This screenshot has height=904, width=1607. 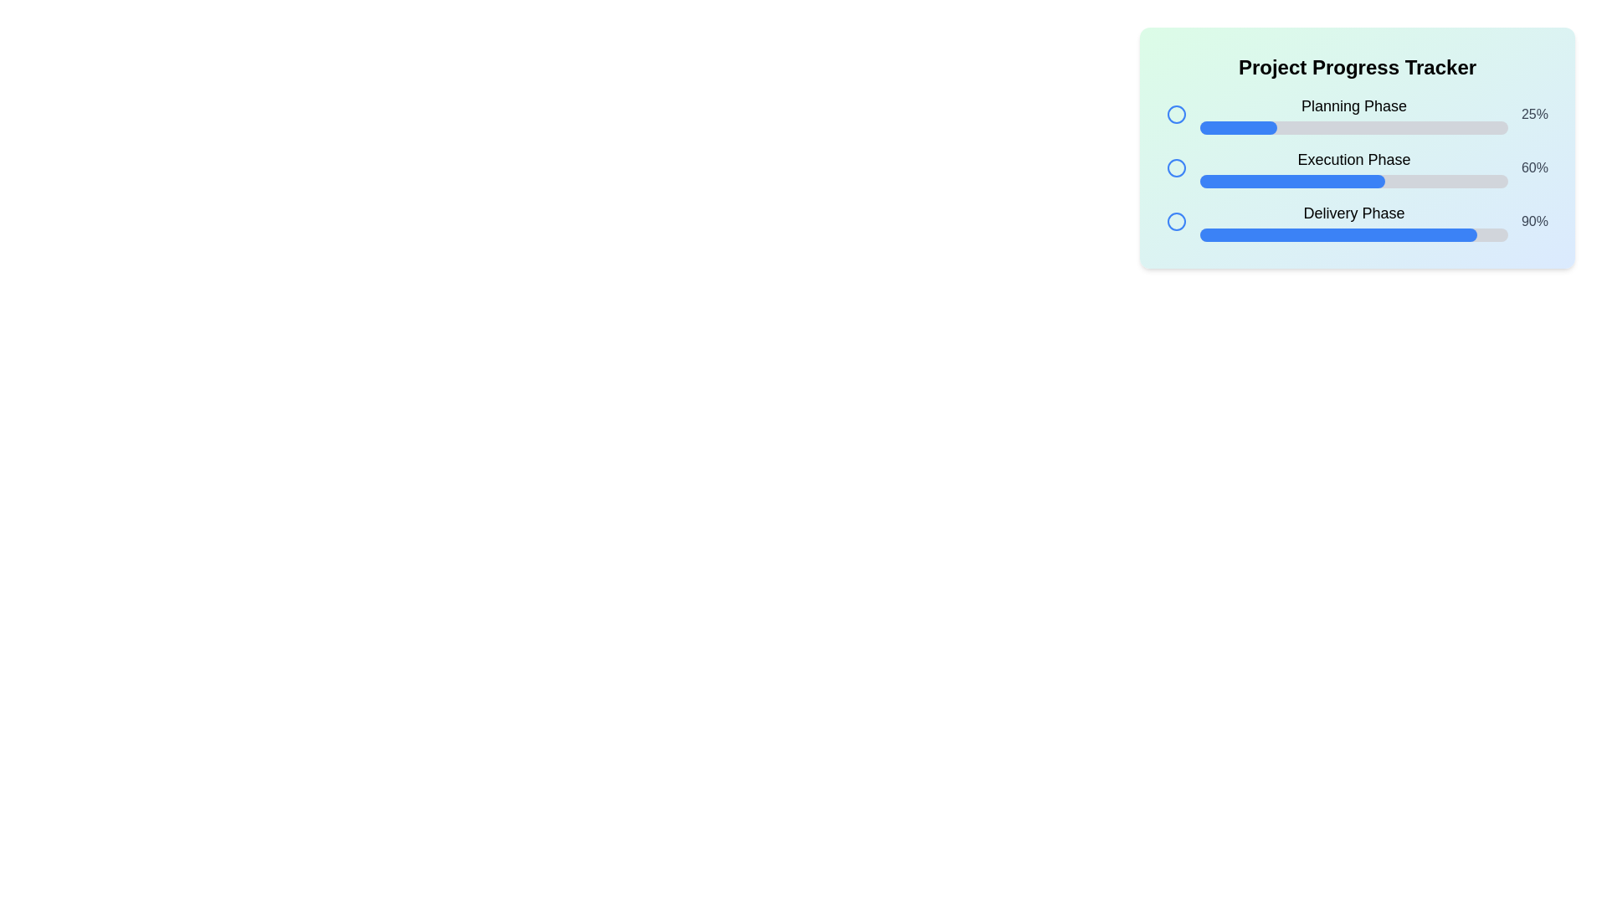 What do you see at coordinates (1353, 106) in the screenshot?
I see `the text label indicating the title or name of the first phase in the progress tracker, which is located at the top of the progress tracker section` at bounding box center [1353, 106].